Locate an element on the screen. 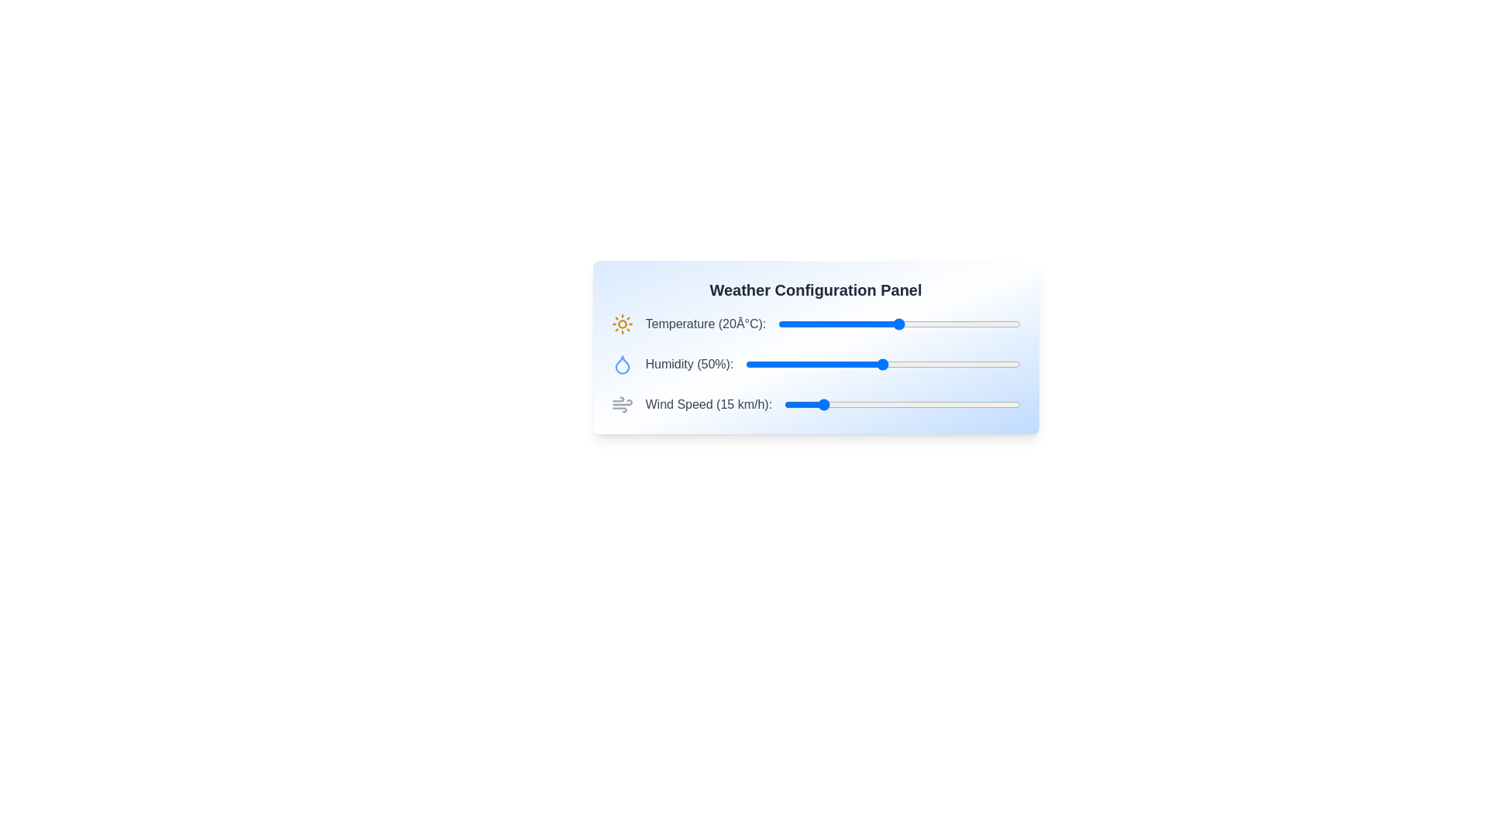 Image resolution: width=1487 pixels, height=836 pixels. the humidity slider to 95% is located at coordinates (1006, 364).